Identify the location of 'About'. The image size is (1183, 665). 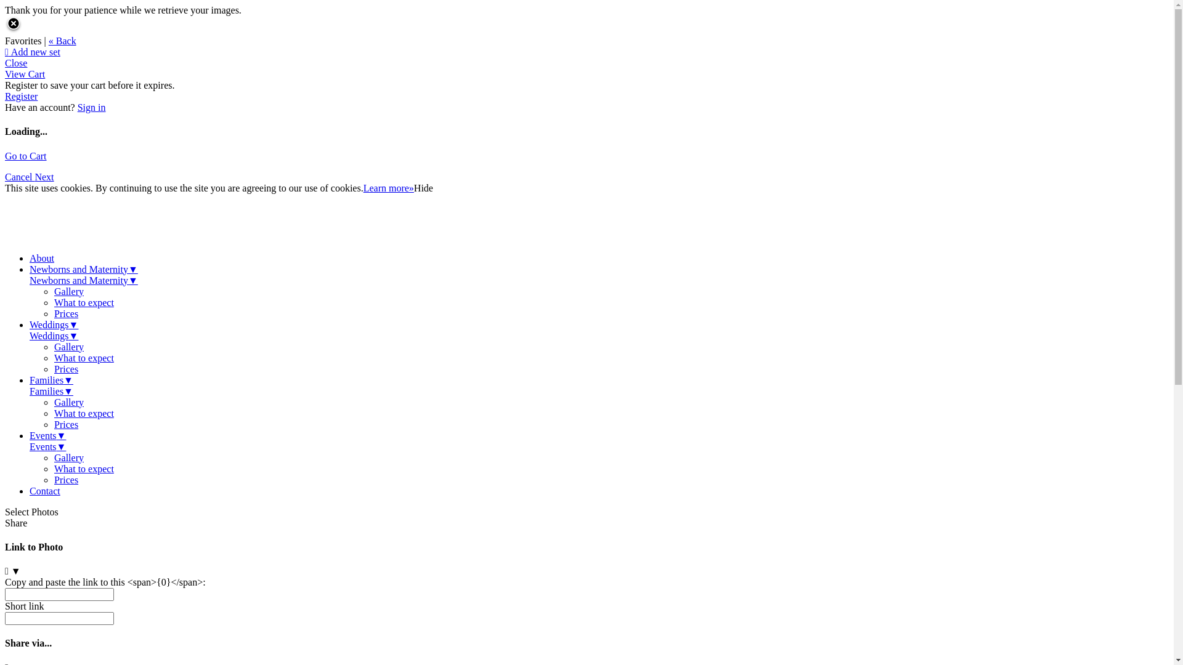
(30, 257).